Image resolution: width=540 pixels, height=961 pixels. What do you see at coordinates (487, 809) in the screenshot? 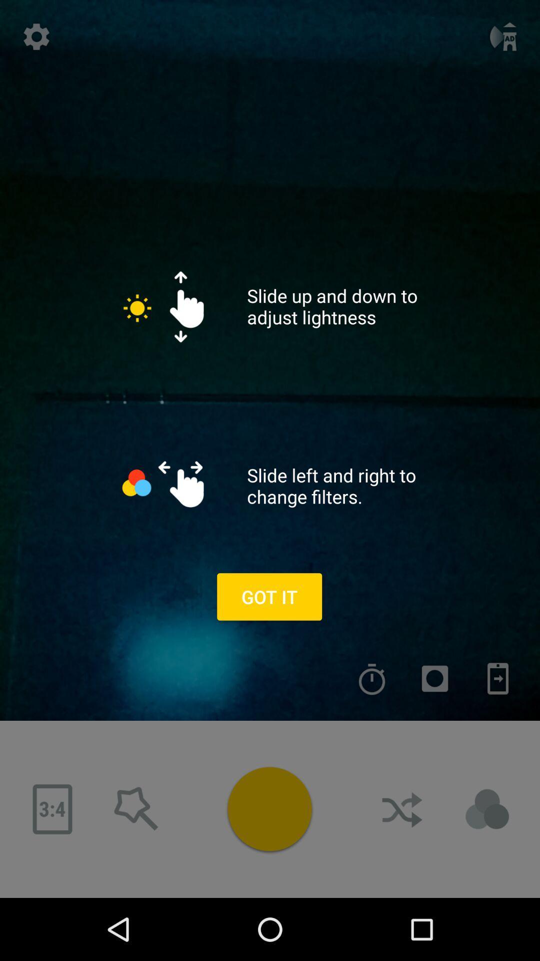
I see `click for filter option` at bounding box center [487, 809].